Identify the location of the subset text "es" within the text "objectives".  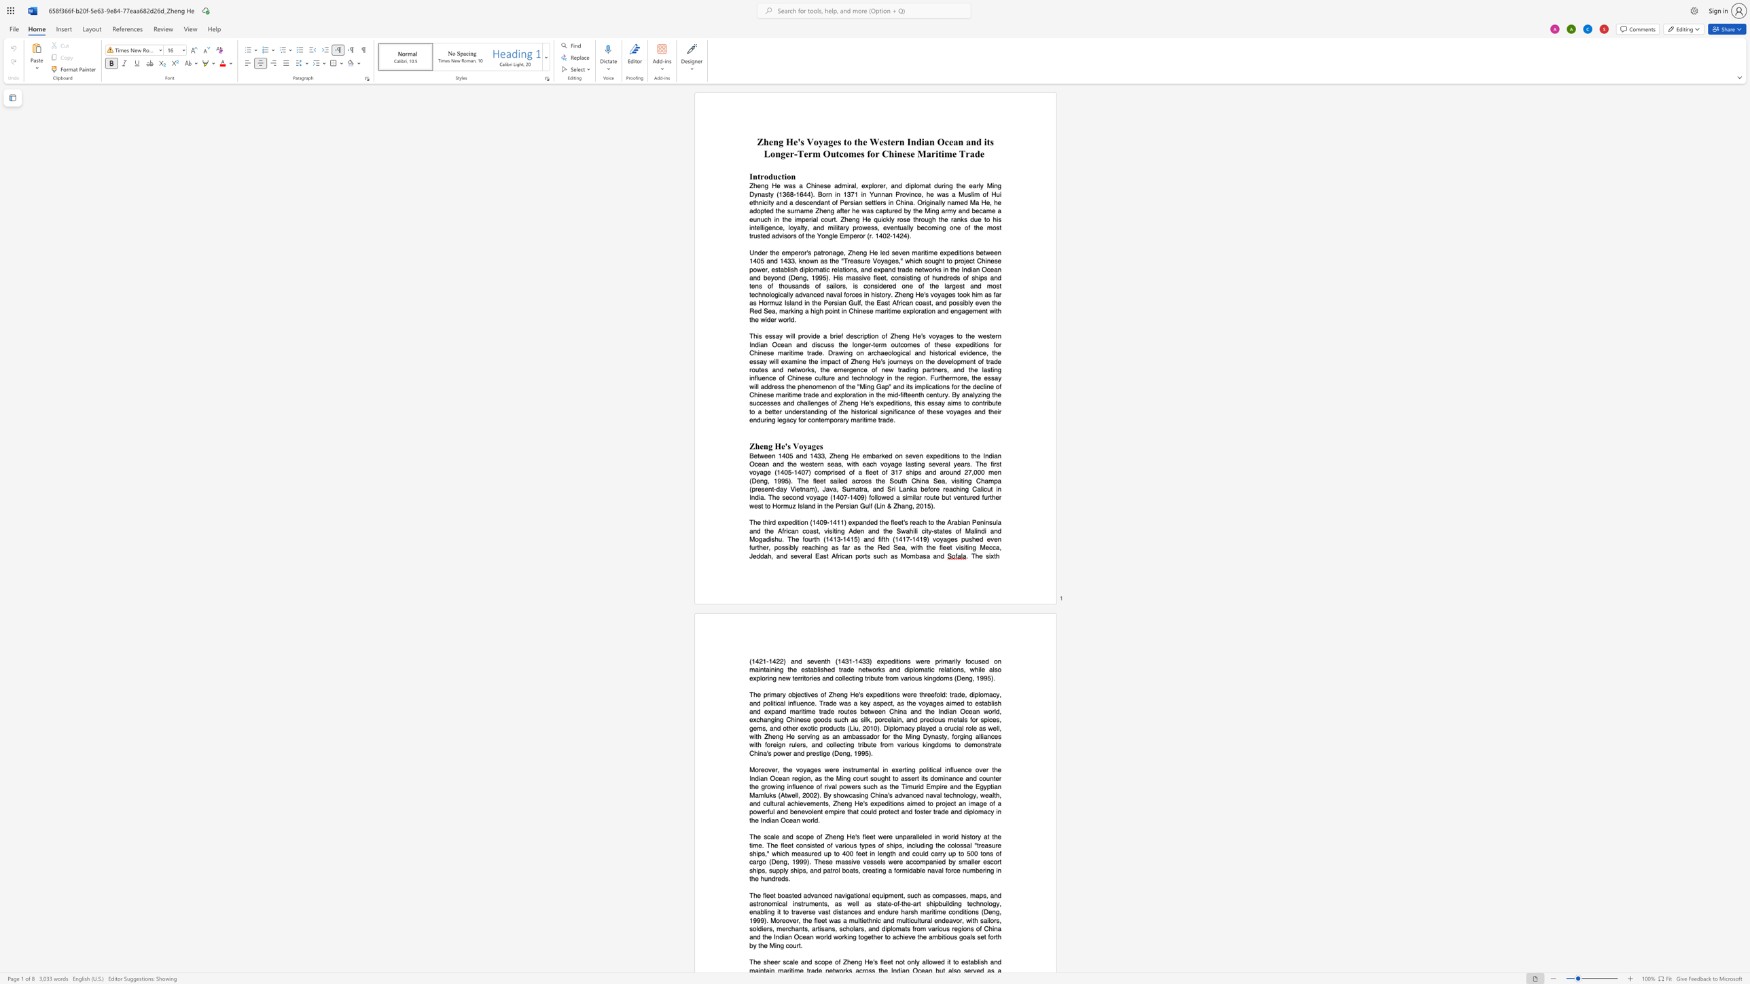
(810, 695).